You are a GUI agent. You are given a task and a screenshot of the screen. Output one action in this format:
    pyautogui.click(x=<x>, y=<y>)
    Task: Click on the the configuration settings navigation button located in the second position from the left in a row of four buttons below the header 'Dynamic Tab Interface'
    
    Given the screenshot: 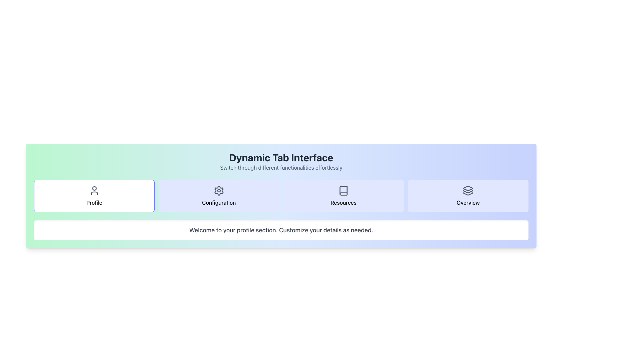 What is the action you would take?
    pyautogui.click(x=219, y=195)
    